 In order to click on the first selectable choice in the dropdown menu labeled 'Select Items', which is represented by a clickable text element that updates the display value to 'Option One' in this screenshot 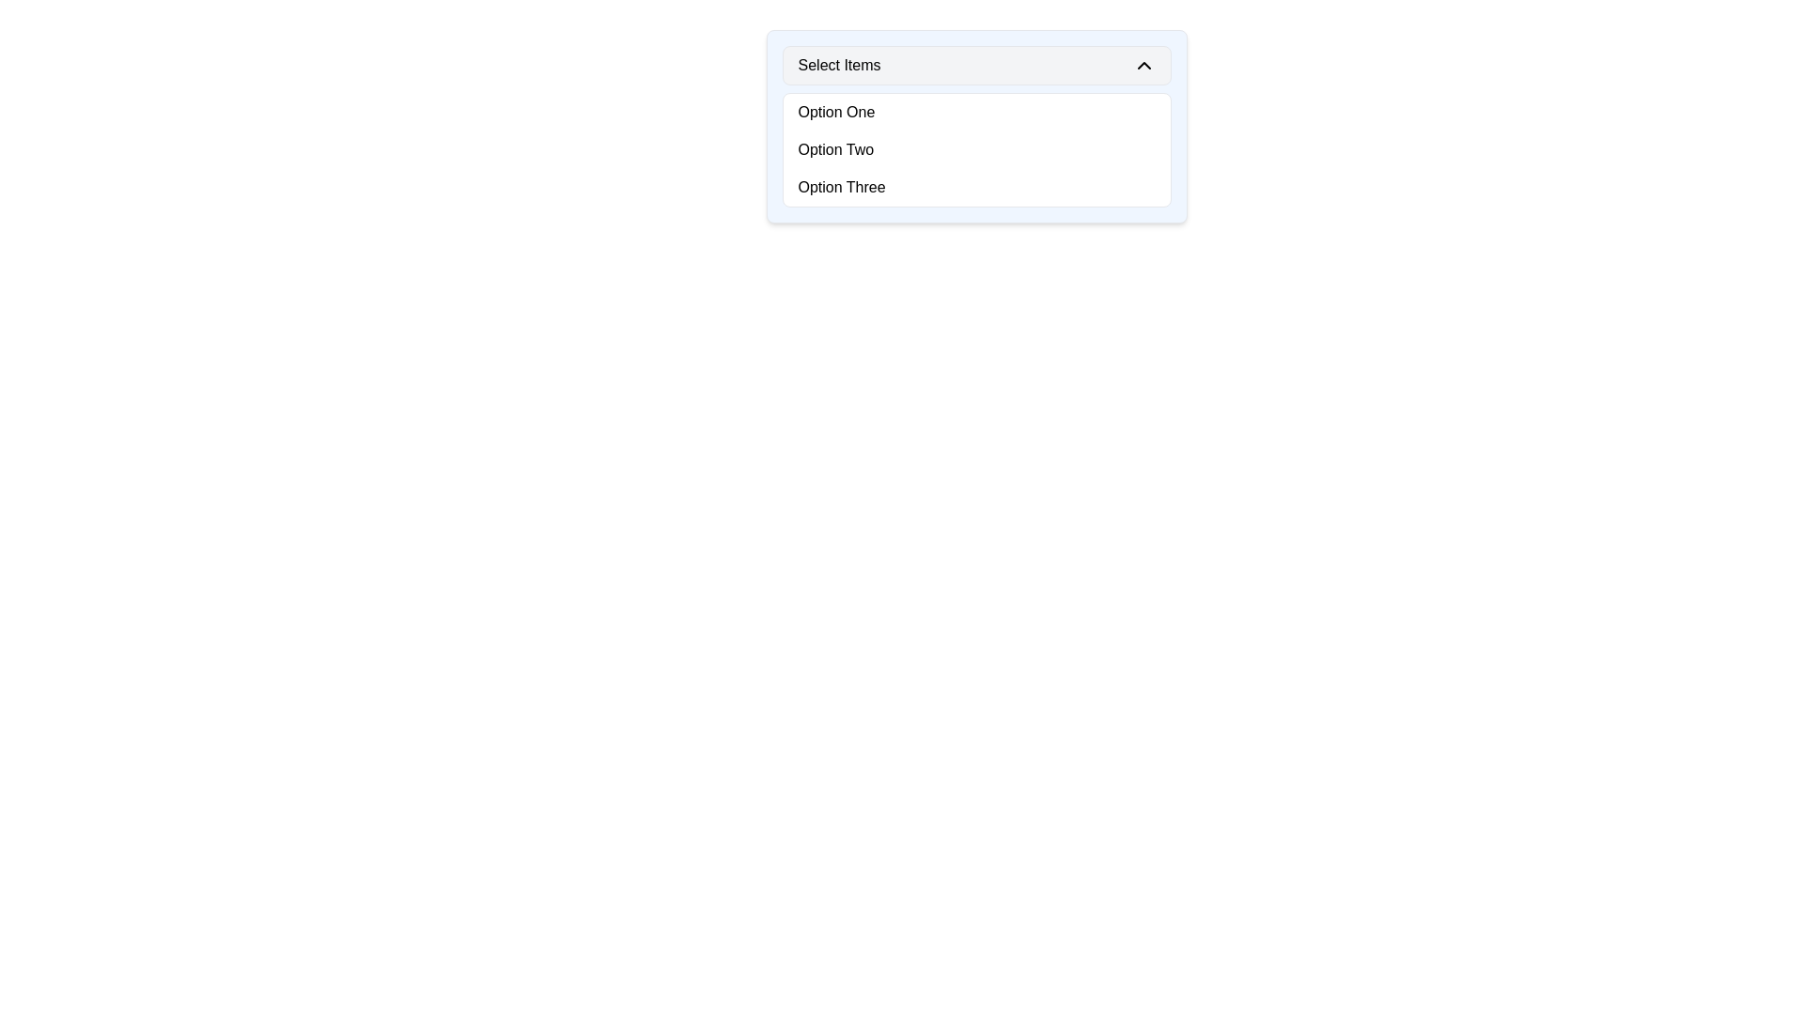, I will do `click(835, 112)`.